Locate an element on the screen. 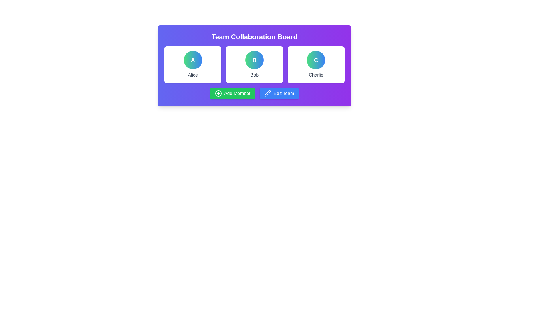 The image size is (554, 312). the central card representing 'Bob' in the team collaboration interface, which is located between 'Alice' and 'Charlie' is located at coordinates (254, 64).